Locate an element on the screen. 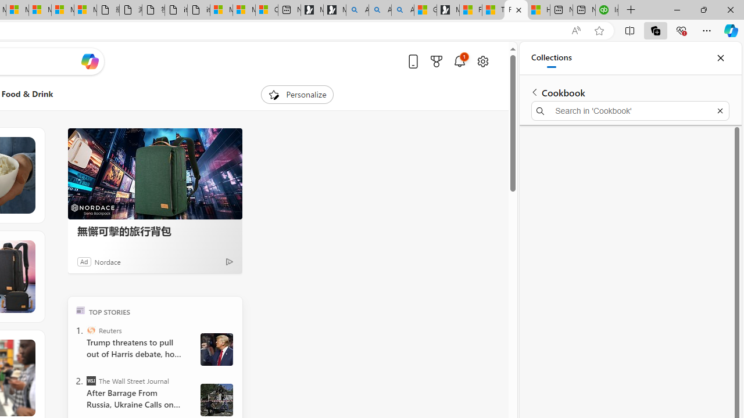 This screenshot has height=418, width=744. 'Ad Choice' is located at coordinates (229, 261).